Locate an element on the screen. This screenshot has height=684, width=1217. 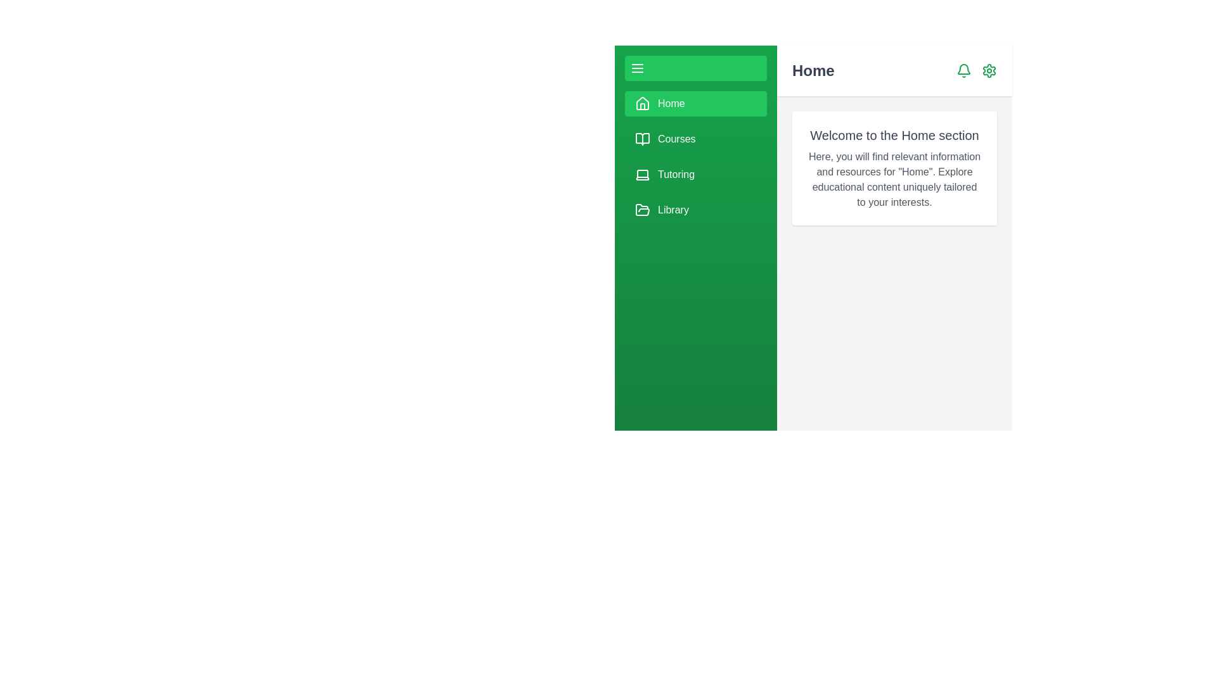
the green cogwheel SVG icon in the top-right corner of the interface is located at coordinates (988, 70).